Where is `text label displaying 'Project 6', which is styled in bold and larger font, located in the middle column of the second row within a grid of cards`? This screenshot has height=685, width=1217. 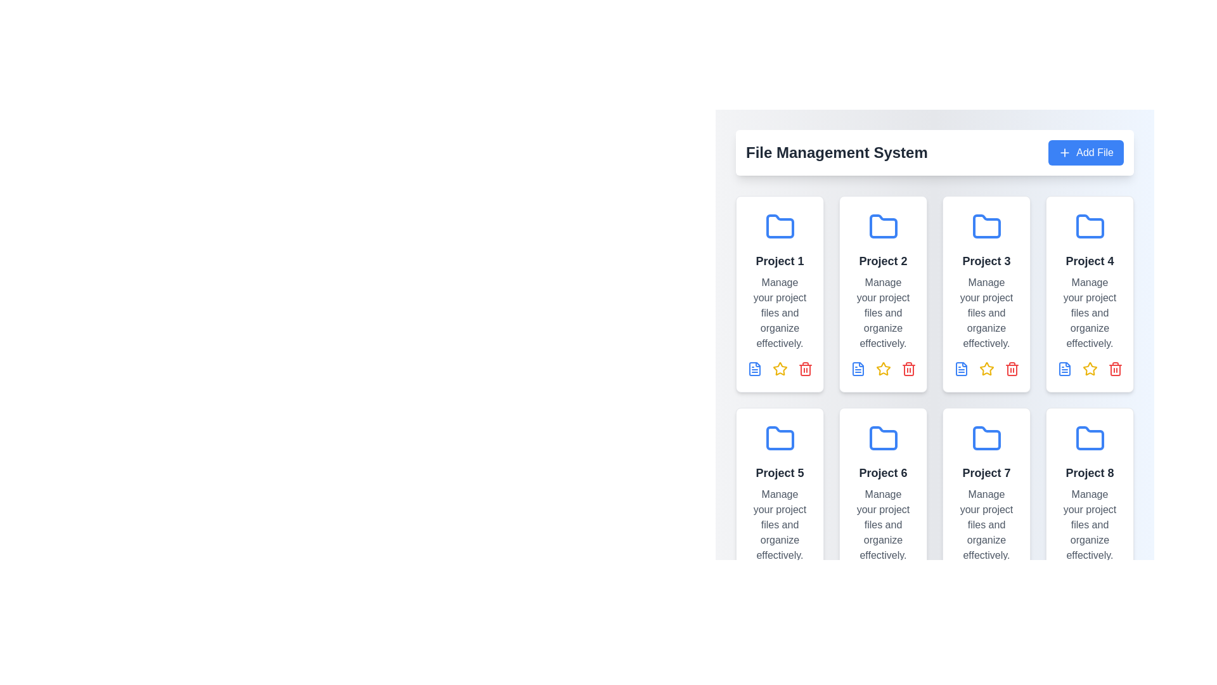 text label displaying 'Project 6', which is styled in bold and larger font, located in the middle column of the second row within a grid of cards is located at coordinates (882, 473).